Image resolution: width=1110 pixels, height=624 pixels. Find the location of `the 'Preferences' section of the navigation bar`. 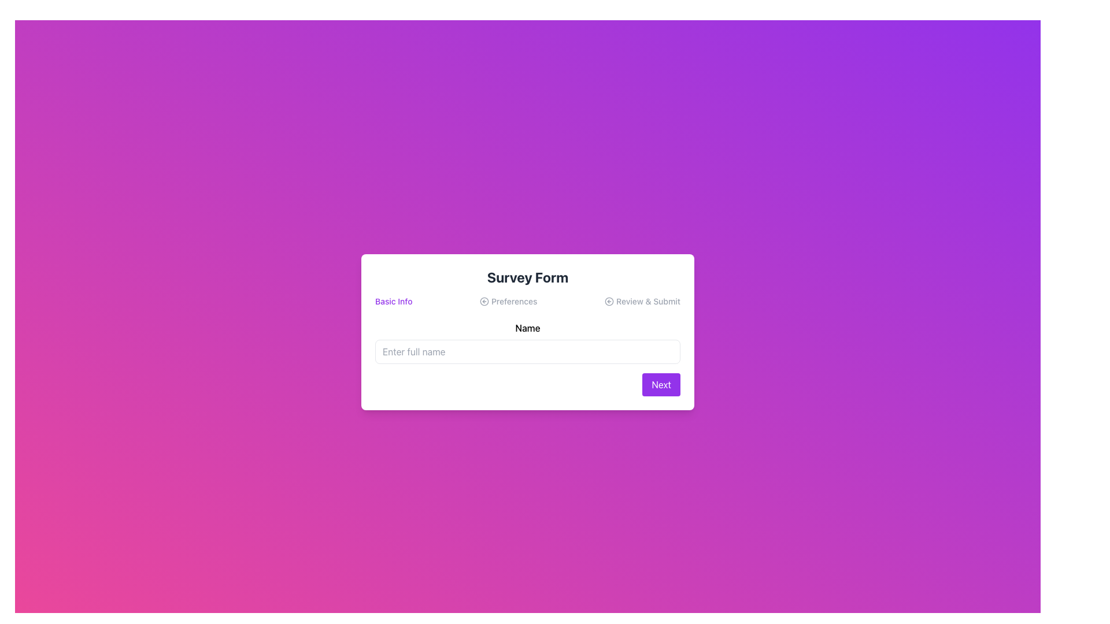

the 'Preferences' section of the navigation bar is located at coordinates (527, 300).